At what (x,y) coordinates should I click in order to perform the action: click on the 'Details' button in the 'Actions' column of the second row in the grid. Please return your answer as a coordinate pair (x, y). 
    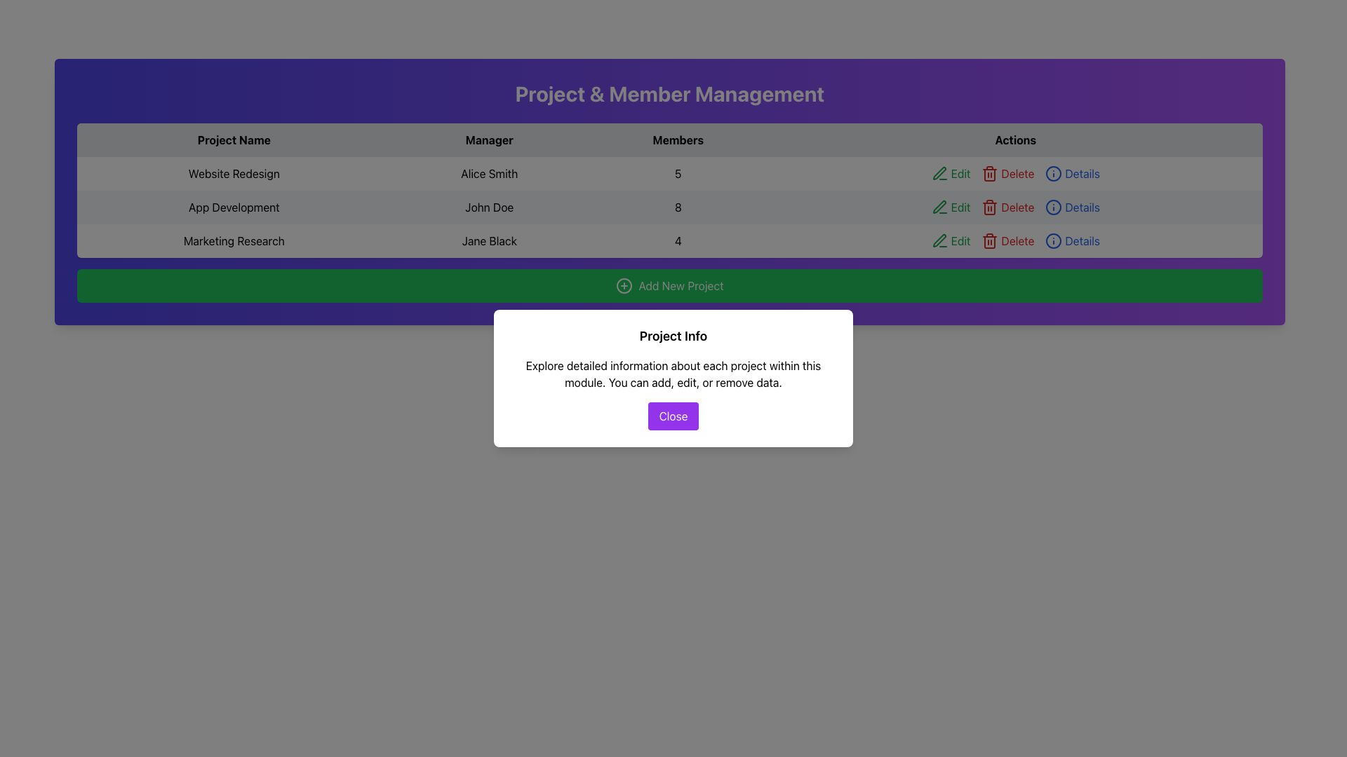
    Looking at the image, I should click on (1072, 207).